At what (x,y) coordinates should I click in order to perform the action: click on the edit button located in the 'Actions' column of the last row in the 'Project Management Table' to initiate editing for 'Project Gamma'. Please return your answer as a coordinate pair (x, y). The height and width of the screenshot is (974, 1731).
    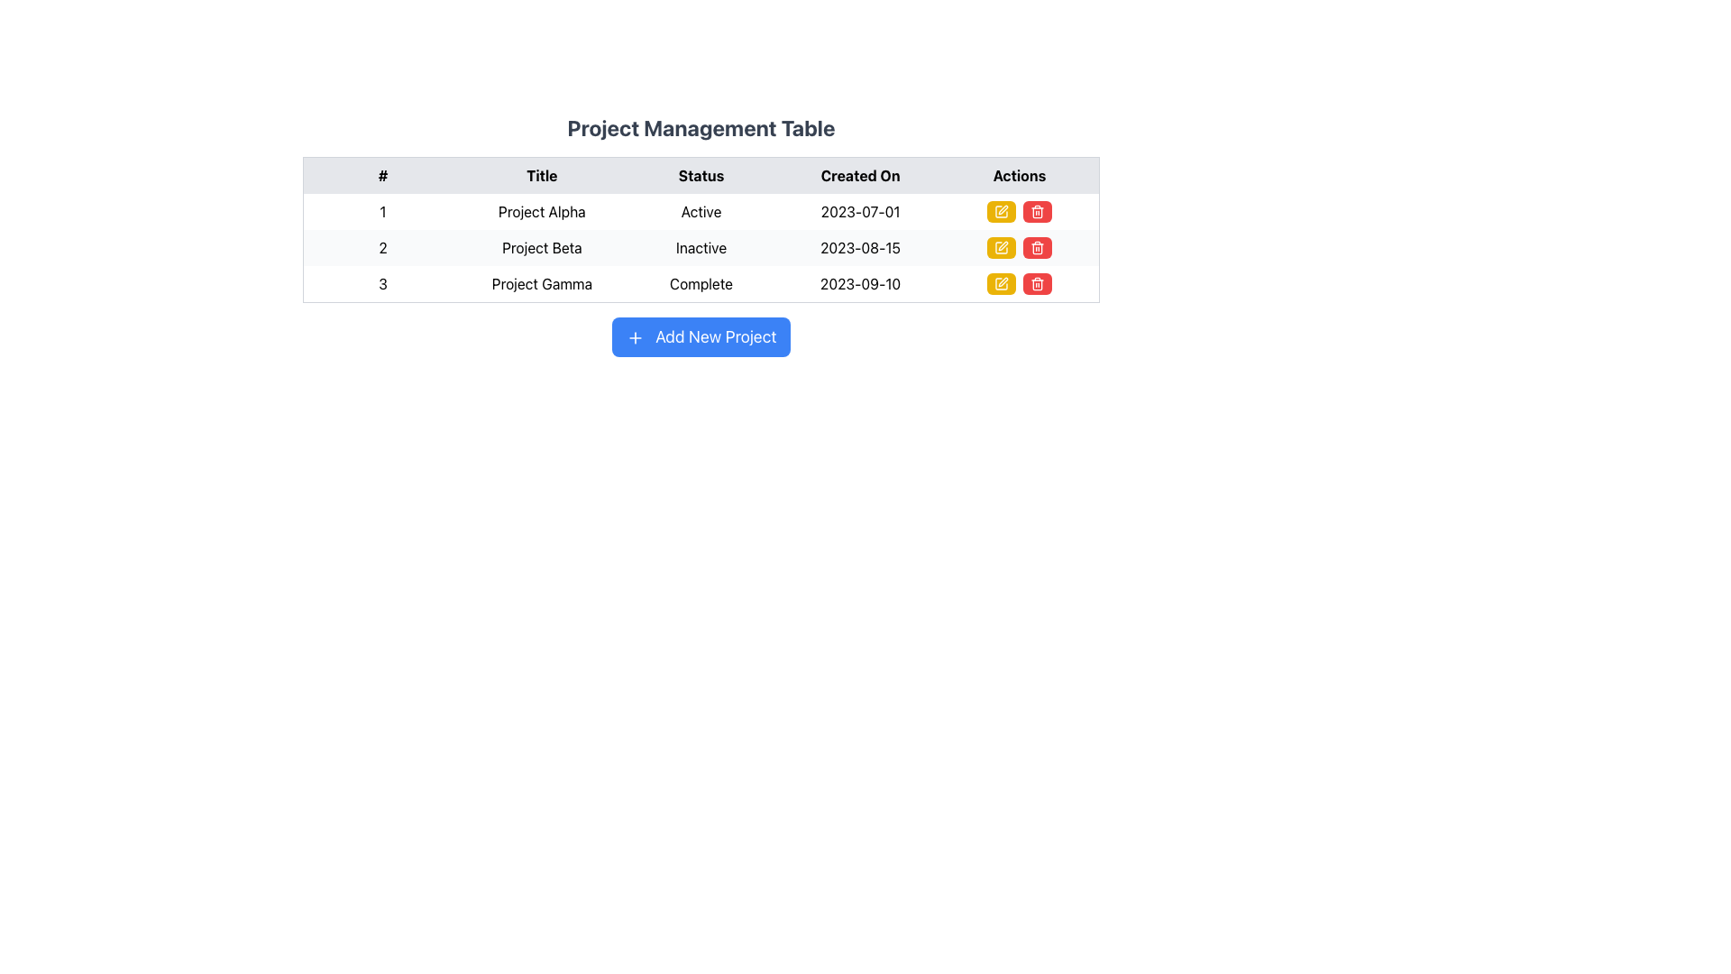
    Looking at the image, I should click on (1000, 284).